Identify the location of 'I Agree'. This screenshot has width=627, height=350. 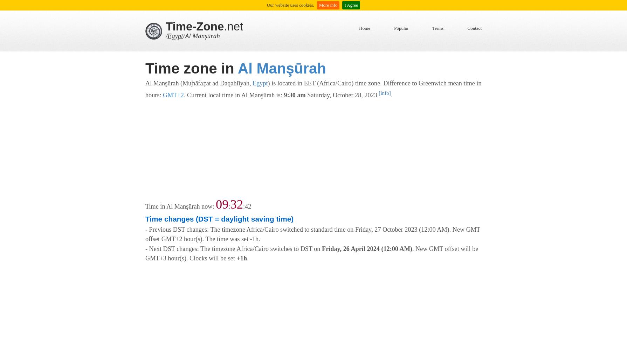
(351, 5).